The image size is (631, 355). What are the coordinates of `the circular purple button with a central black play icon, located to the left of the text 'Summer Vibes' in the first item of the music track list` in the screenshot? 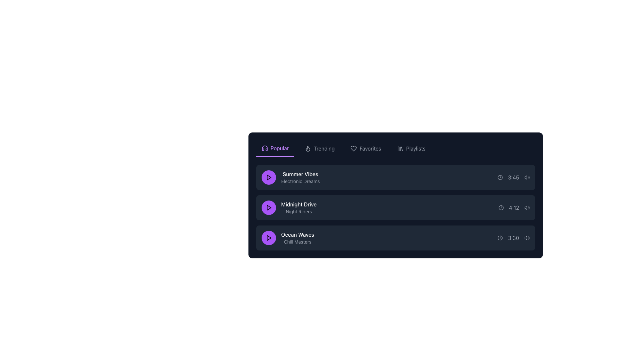 It's located at (269, 177).